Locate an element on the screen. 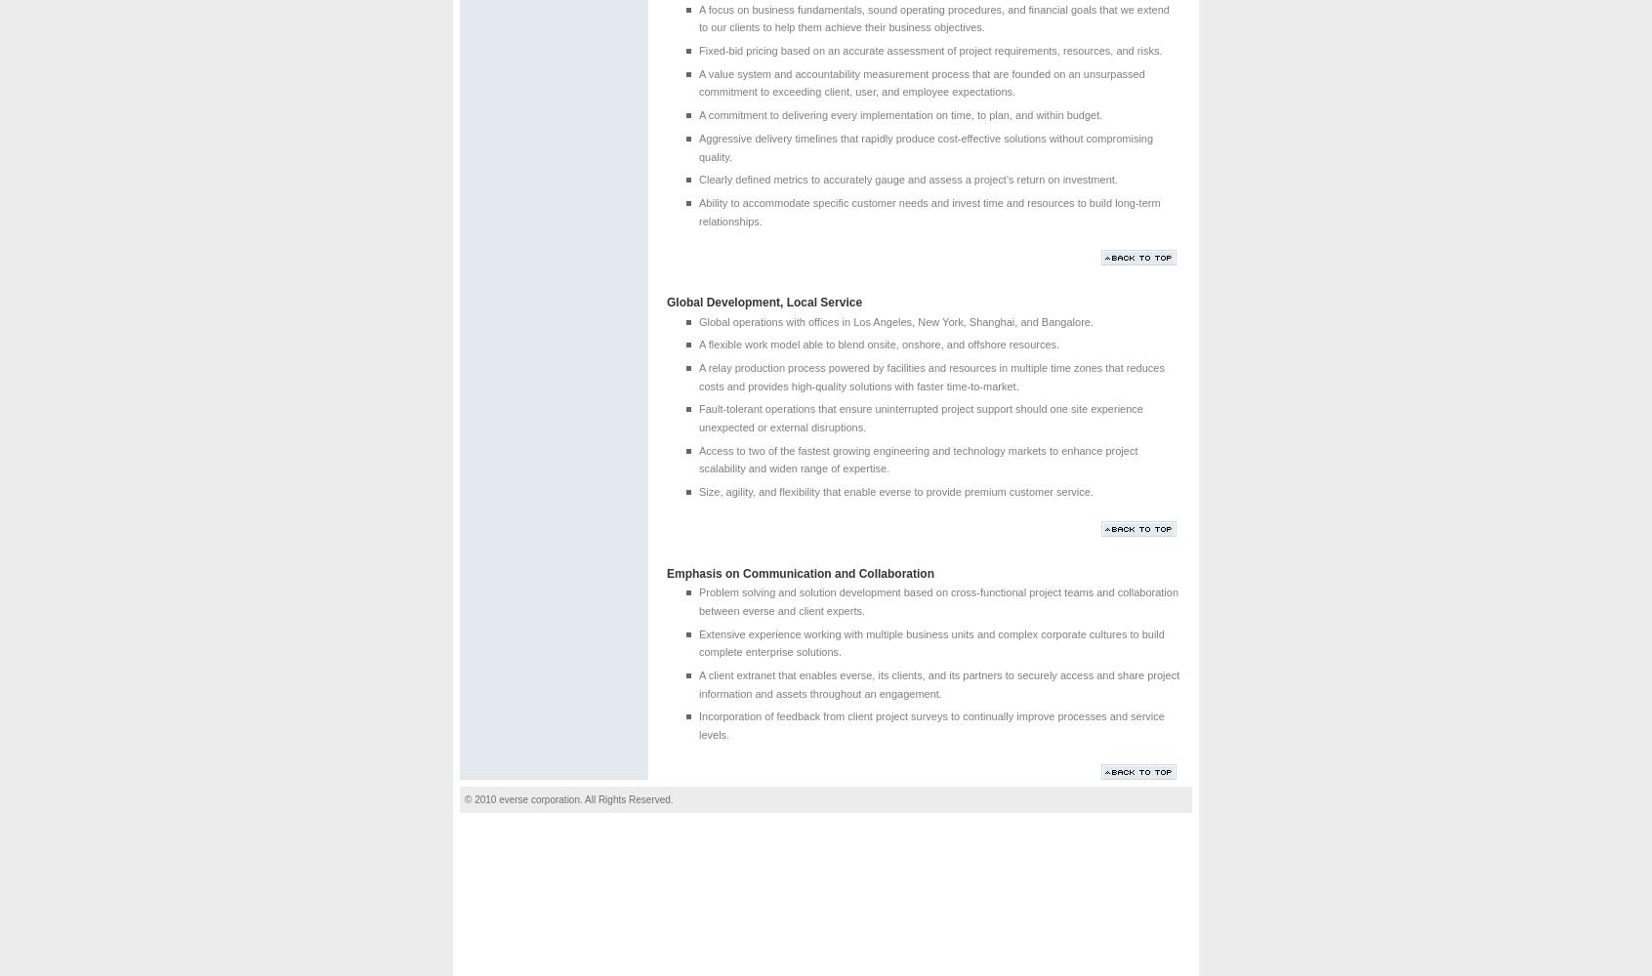 The width and height of the screenshot is (1652, 976). 'A value system and accountability measurement process that are founded on an unsurpassed commitment to exceeding client, user, and employee expectations.' is located at coordinates (921, 81).